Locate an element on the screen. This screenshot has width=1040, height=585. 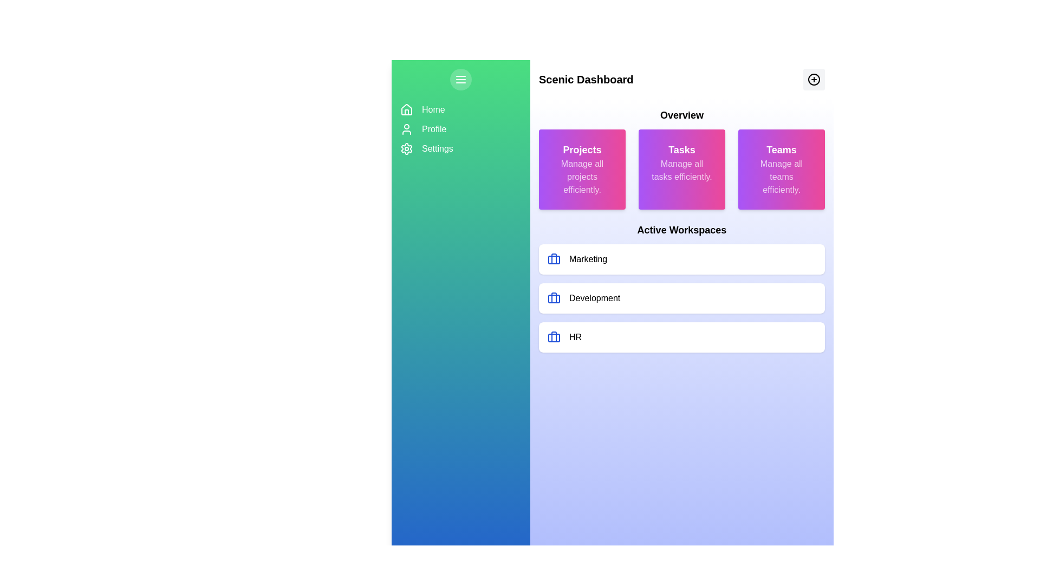
the second text label in the vertical list within the sidebar on the left side of the interface is located at coordinates (434, 129).